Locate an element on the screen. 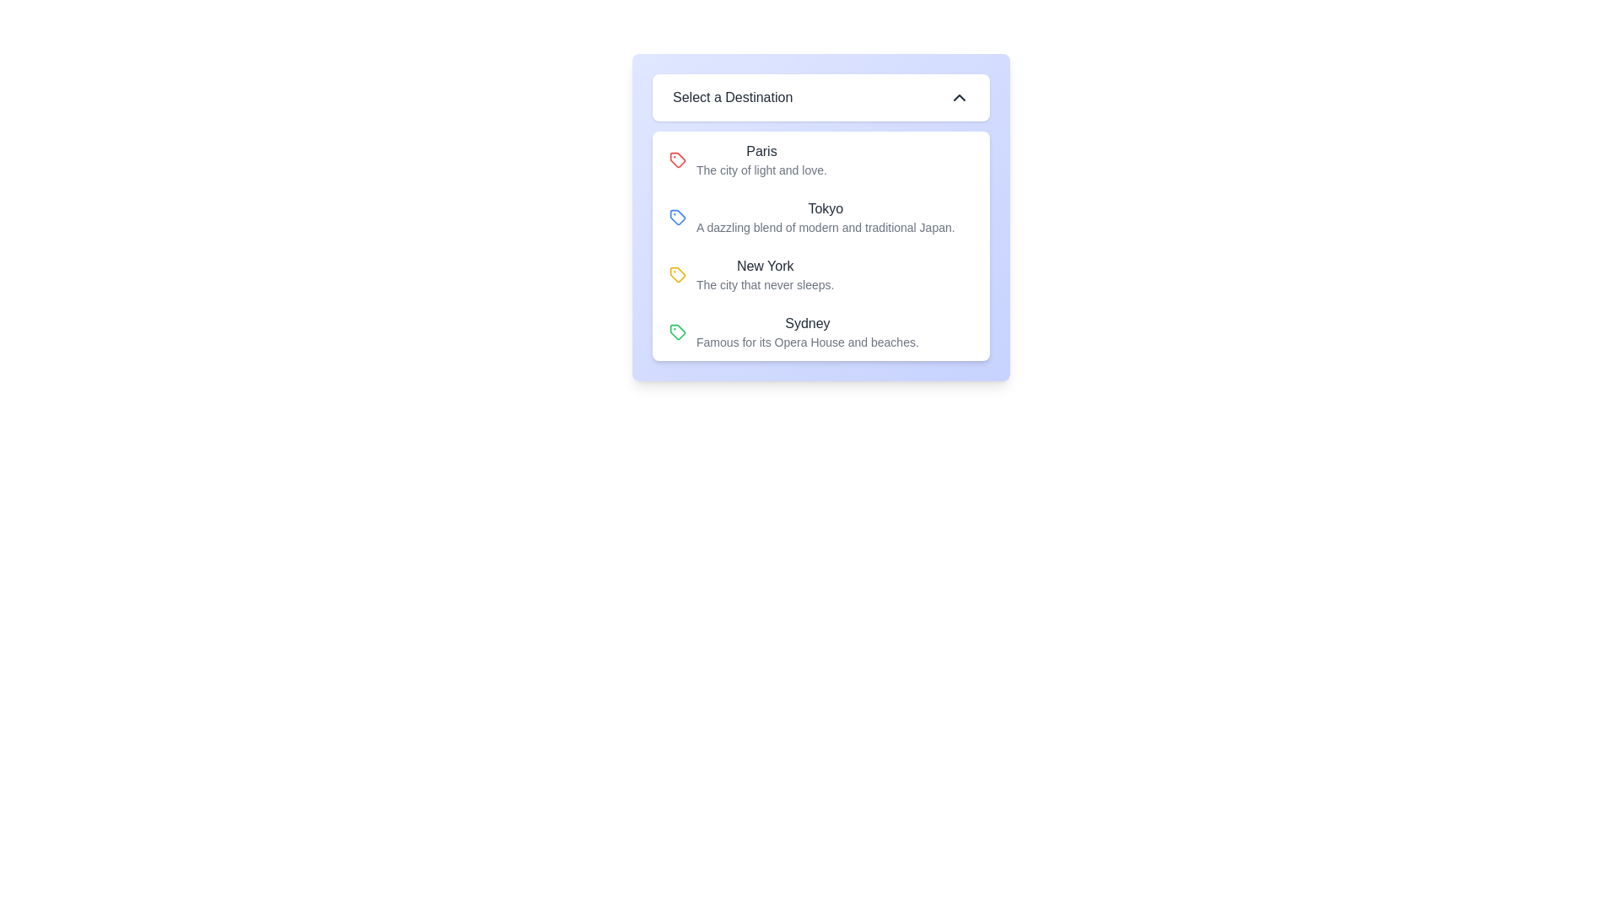  the chevron up icon next to the 'Select a Destination' section is located at coordinates (959, 97).